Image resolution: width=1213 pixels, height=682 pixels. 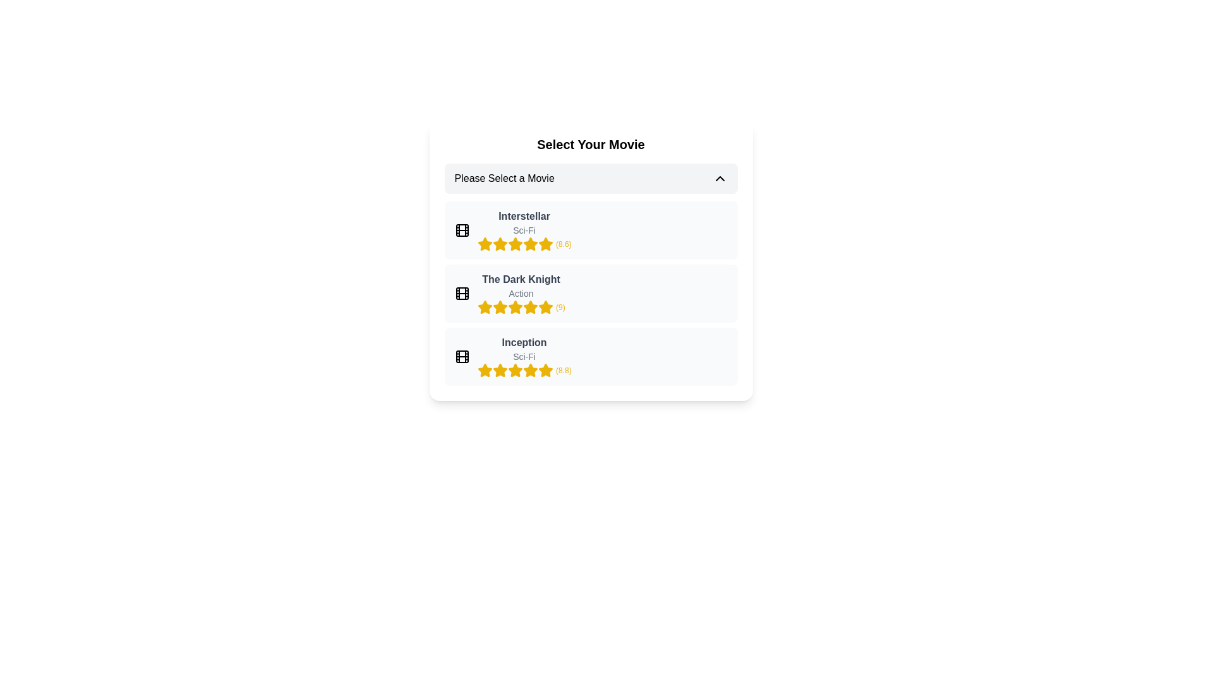 What do you see at coordinates (499, 307) in the screenshot?
I see `the third star icon in the rating section for 'The Dark Knight', which is positioned below the title and to the left of the rating text '(9)'` at bounding box center [499, 307].